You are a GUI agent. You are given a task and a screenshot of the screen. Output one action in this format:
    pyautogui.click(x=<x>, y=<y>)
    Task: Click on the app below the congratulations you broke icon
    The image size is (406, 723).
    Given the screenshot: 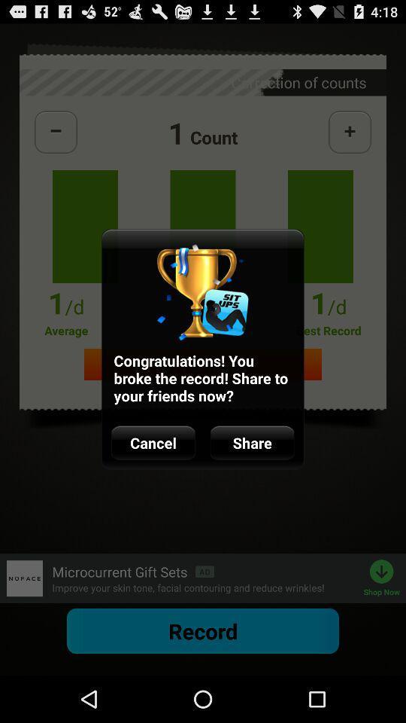 What is the action you would take?
    pyautogui.click(x=153, y=443)
    